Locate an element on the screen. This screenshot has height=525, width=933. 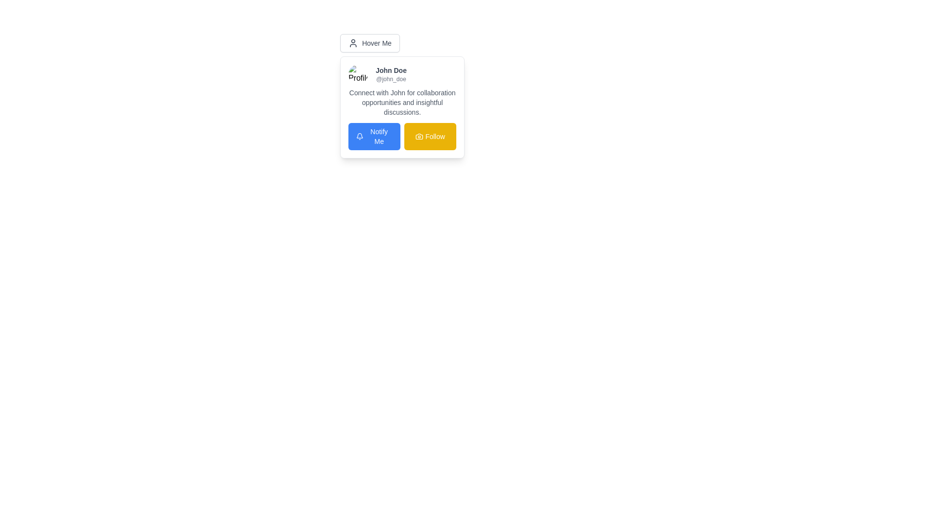
the user's name 'John Doe' in the User Profile Identifier is located at coordinates (402, 74).